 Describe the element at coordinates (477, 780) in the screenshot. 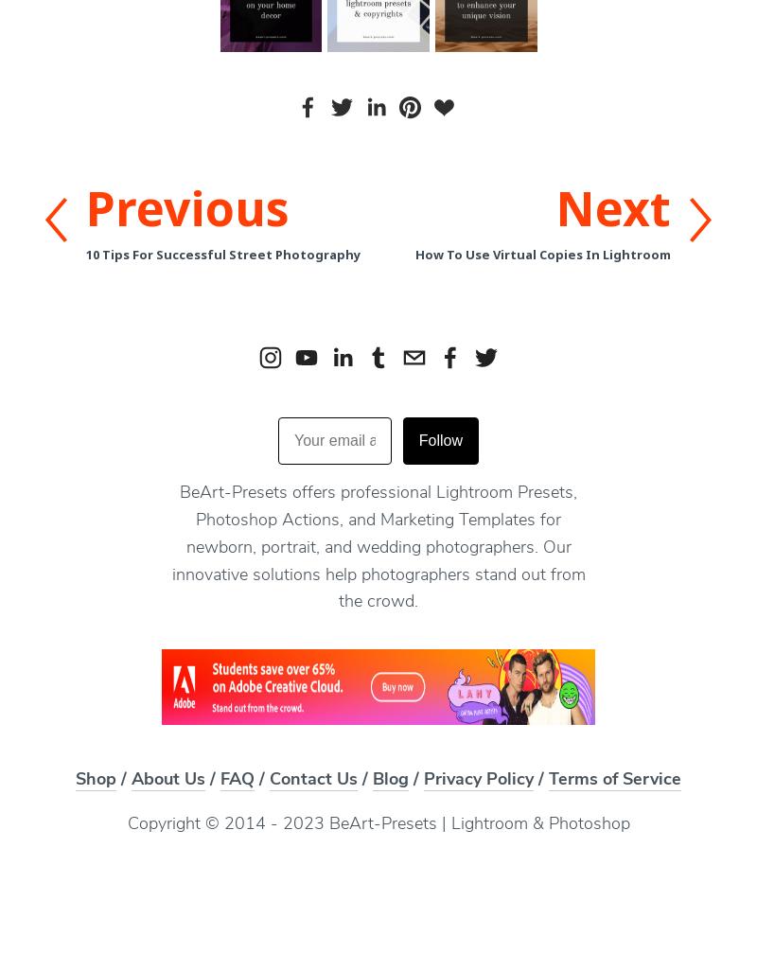

I see `'Privacy Policy'` at that location.